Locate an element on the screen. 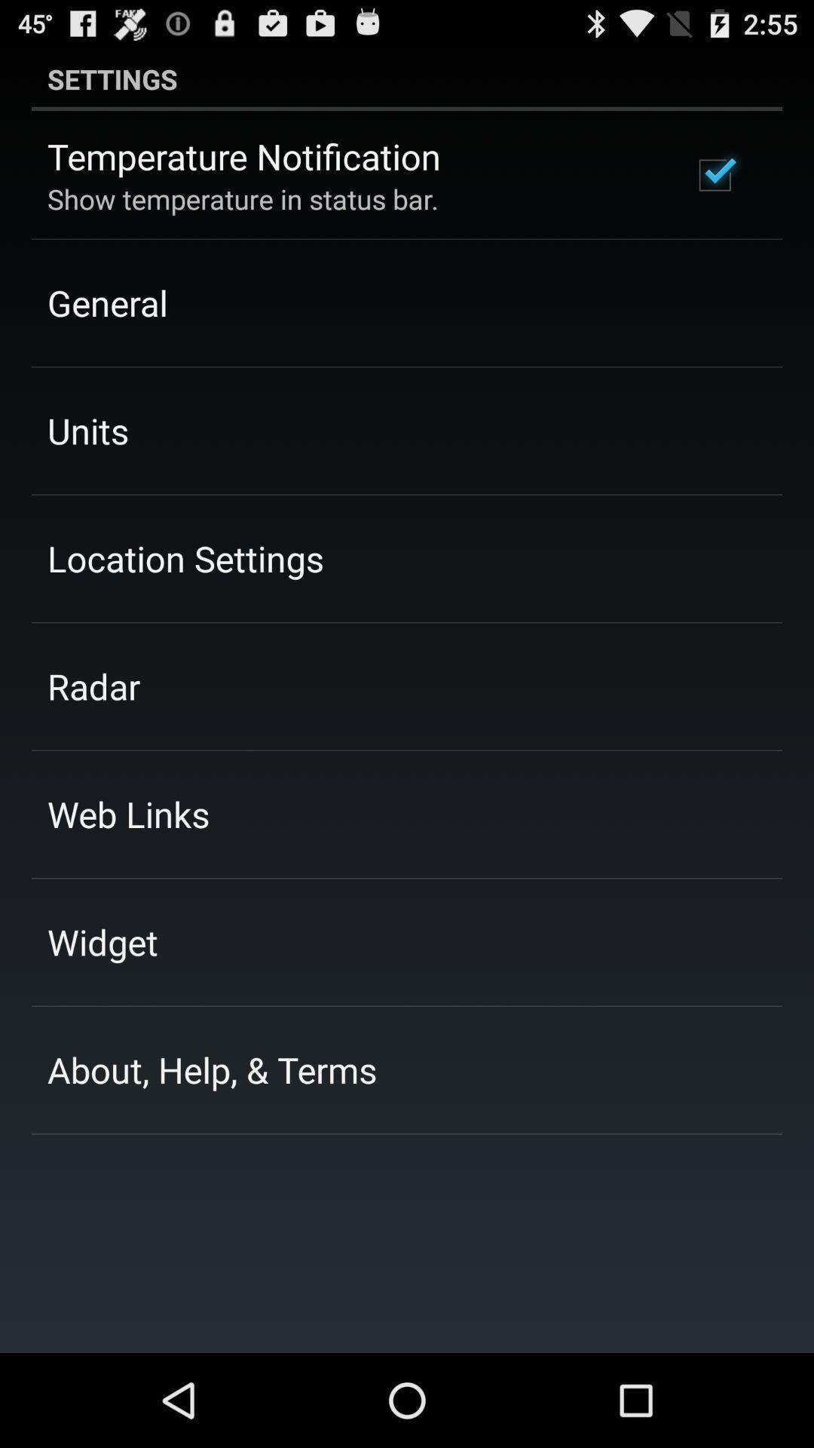 Image resolution: width=814 pixels, height=1448 pixels. item below the web links app is located at coordinates (102, 941).